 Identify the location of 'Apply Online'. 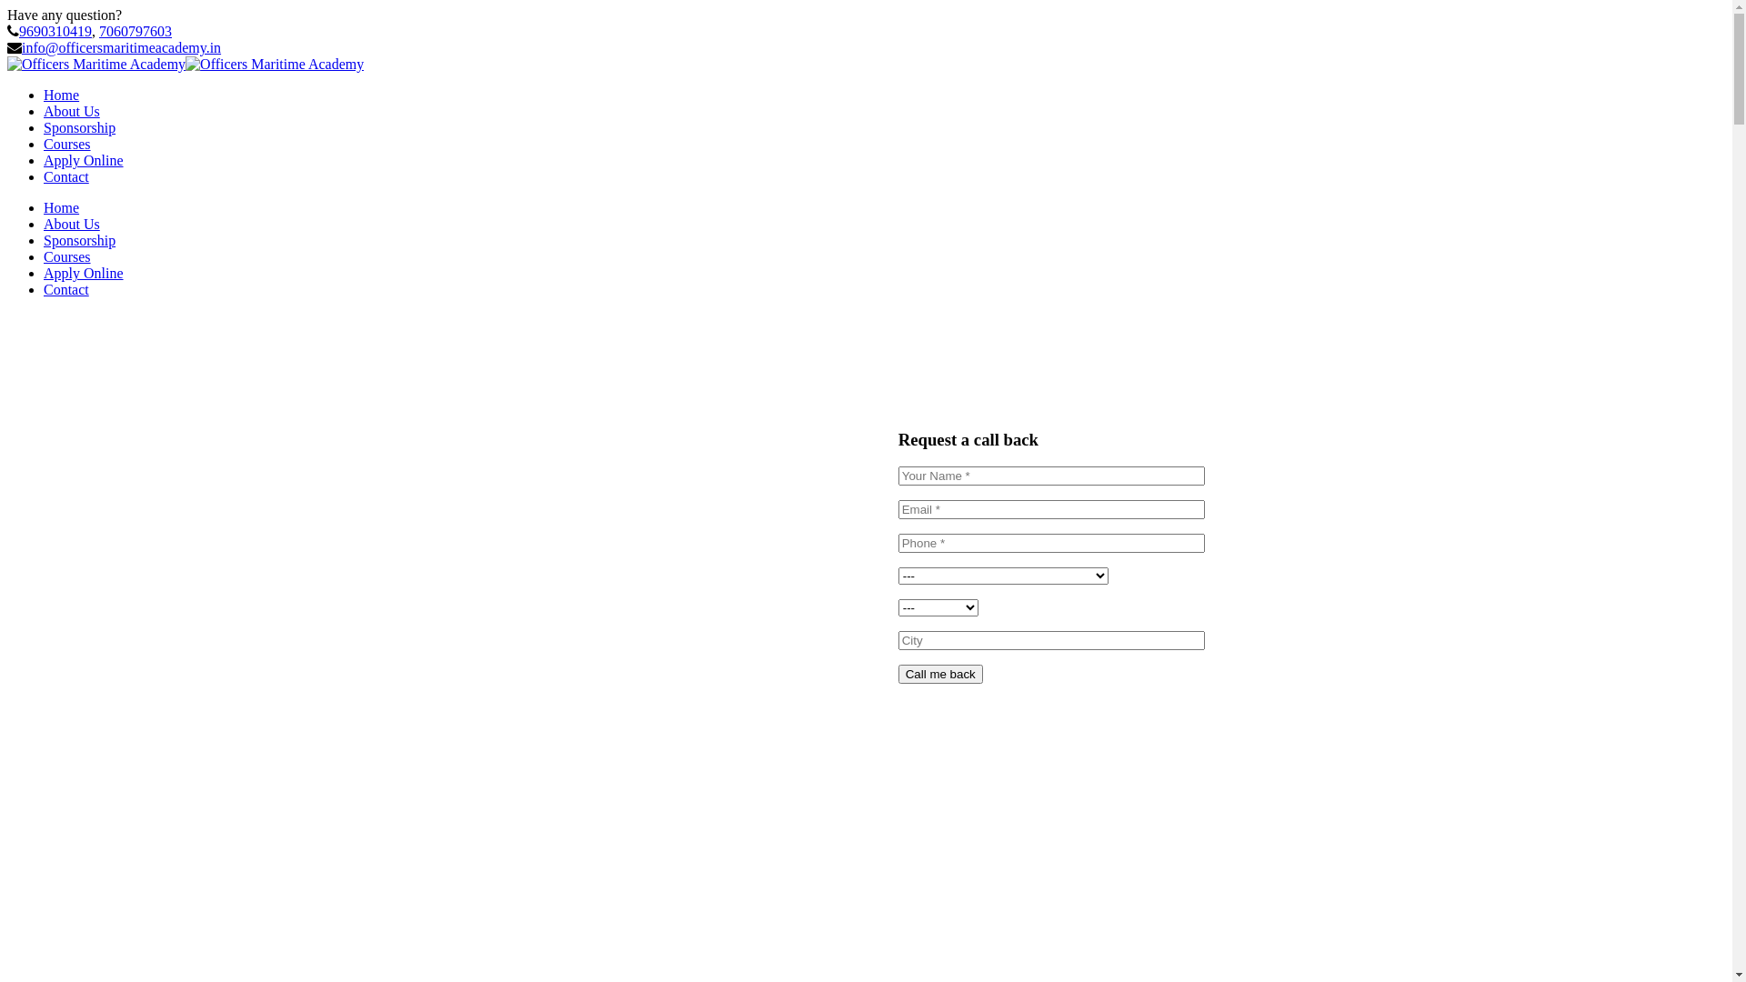
(82, 159).